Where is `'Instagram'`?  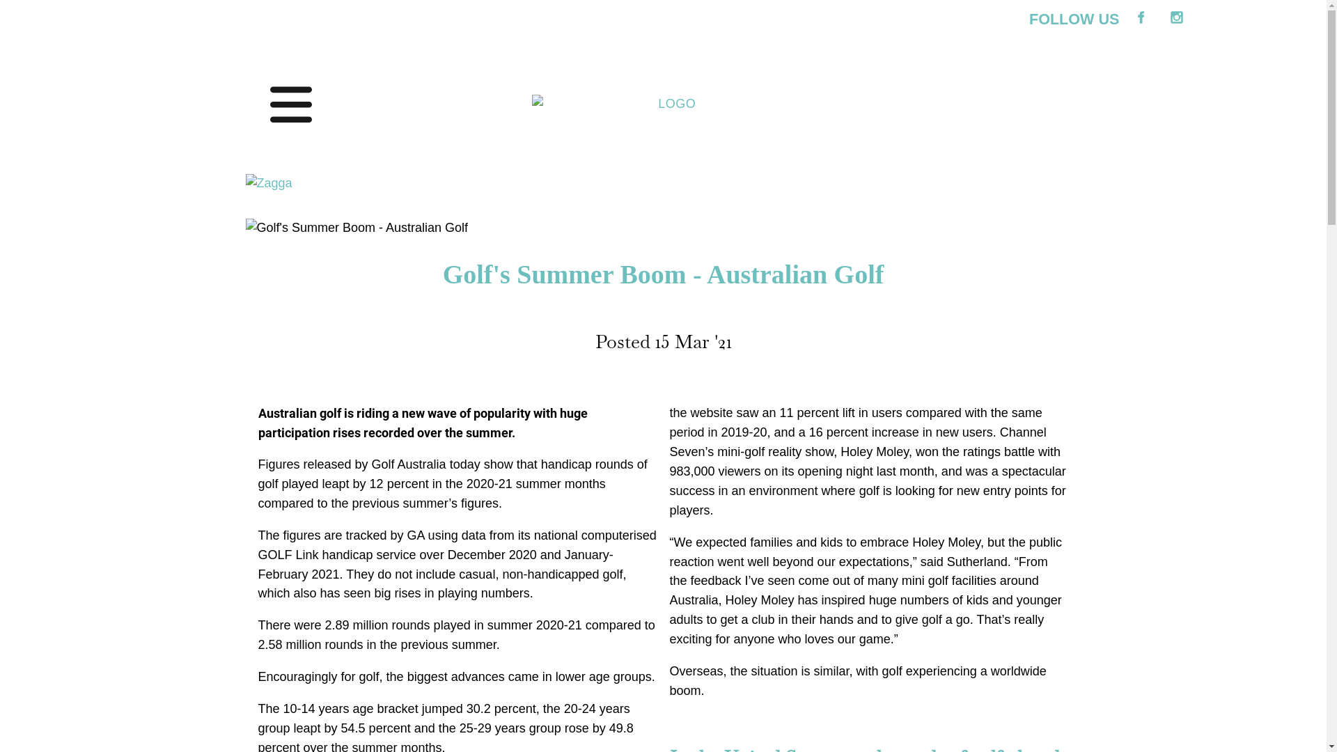 'Instagram' is located at coordinates (1175, 17).